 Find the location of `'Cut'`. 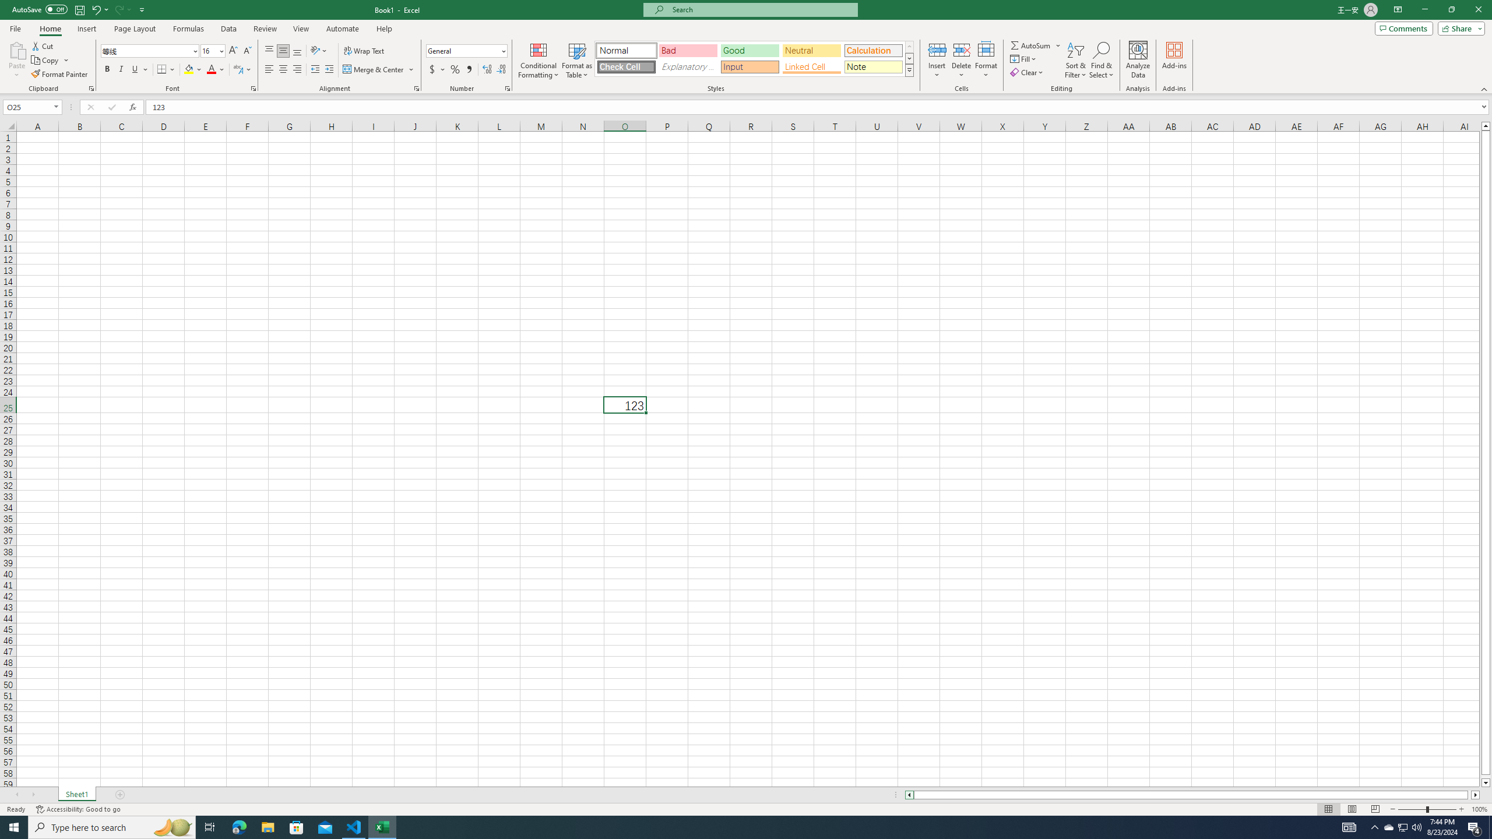

'Cut' is located at coordinates (43, 45).